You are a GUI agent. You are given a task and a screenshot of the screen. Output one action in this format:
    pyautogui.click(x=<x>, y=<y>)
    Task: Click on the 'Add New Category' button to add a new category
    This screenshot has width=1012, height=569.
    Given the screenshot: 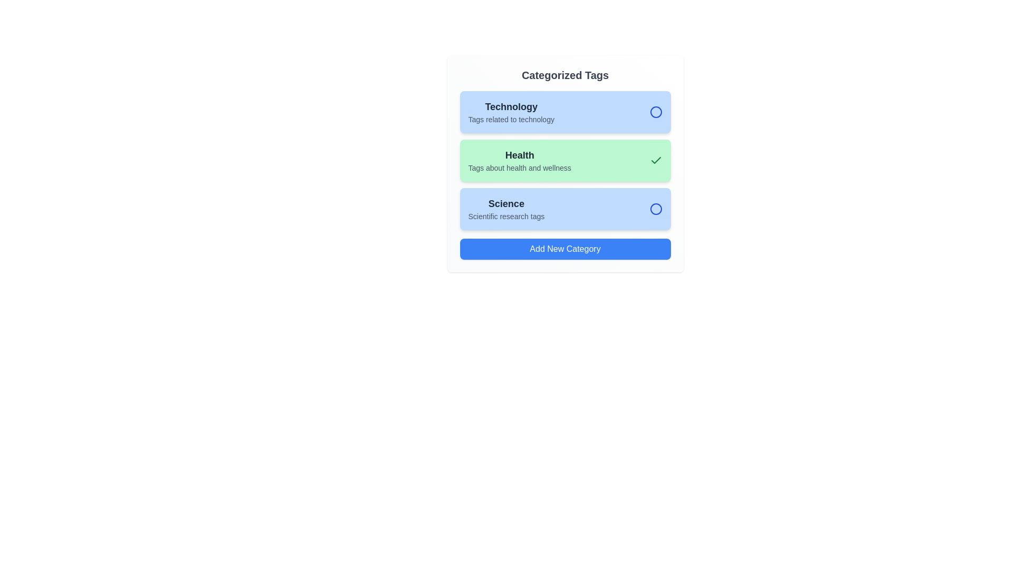 What is the action you would take?
    pyautogui.click(x=565, y=249)
    